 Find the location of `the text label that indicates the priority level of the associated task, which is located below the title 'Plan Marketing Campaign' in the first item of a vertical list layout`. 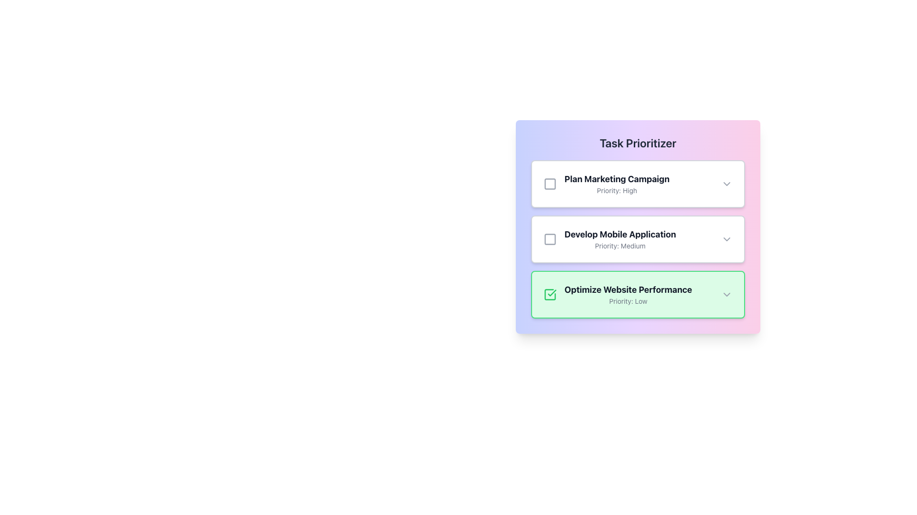

the text label that indicates the priority level of the associated task, which is located below the title 'Plan Marketing Campaign' in the first item of a vertical list layout is located at coordinates (617, 191).